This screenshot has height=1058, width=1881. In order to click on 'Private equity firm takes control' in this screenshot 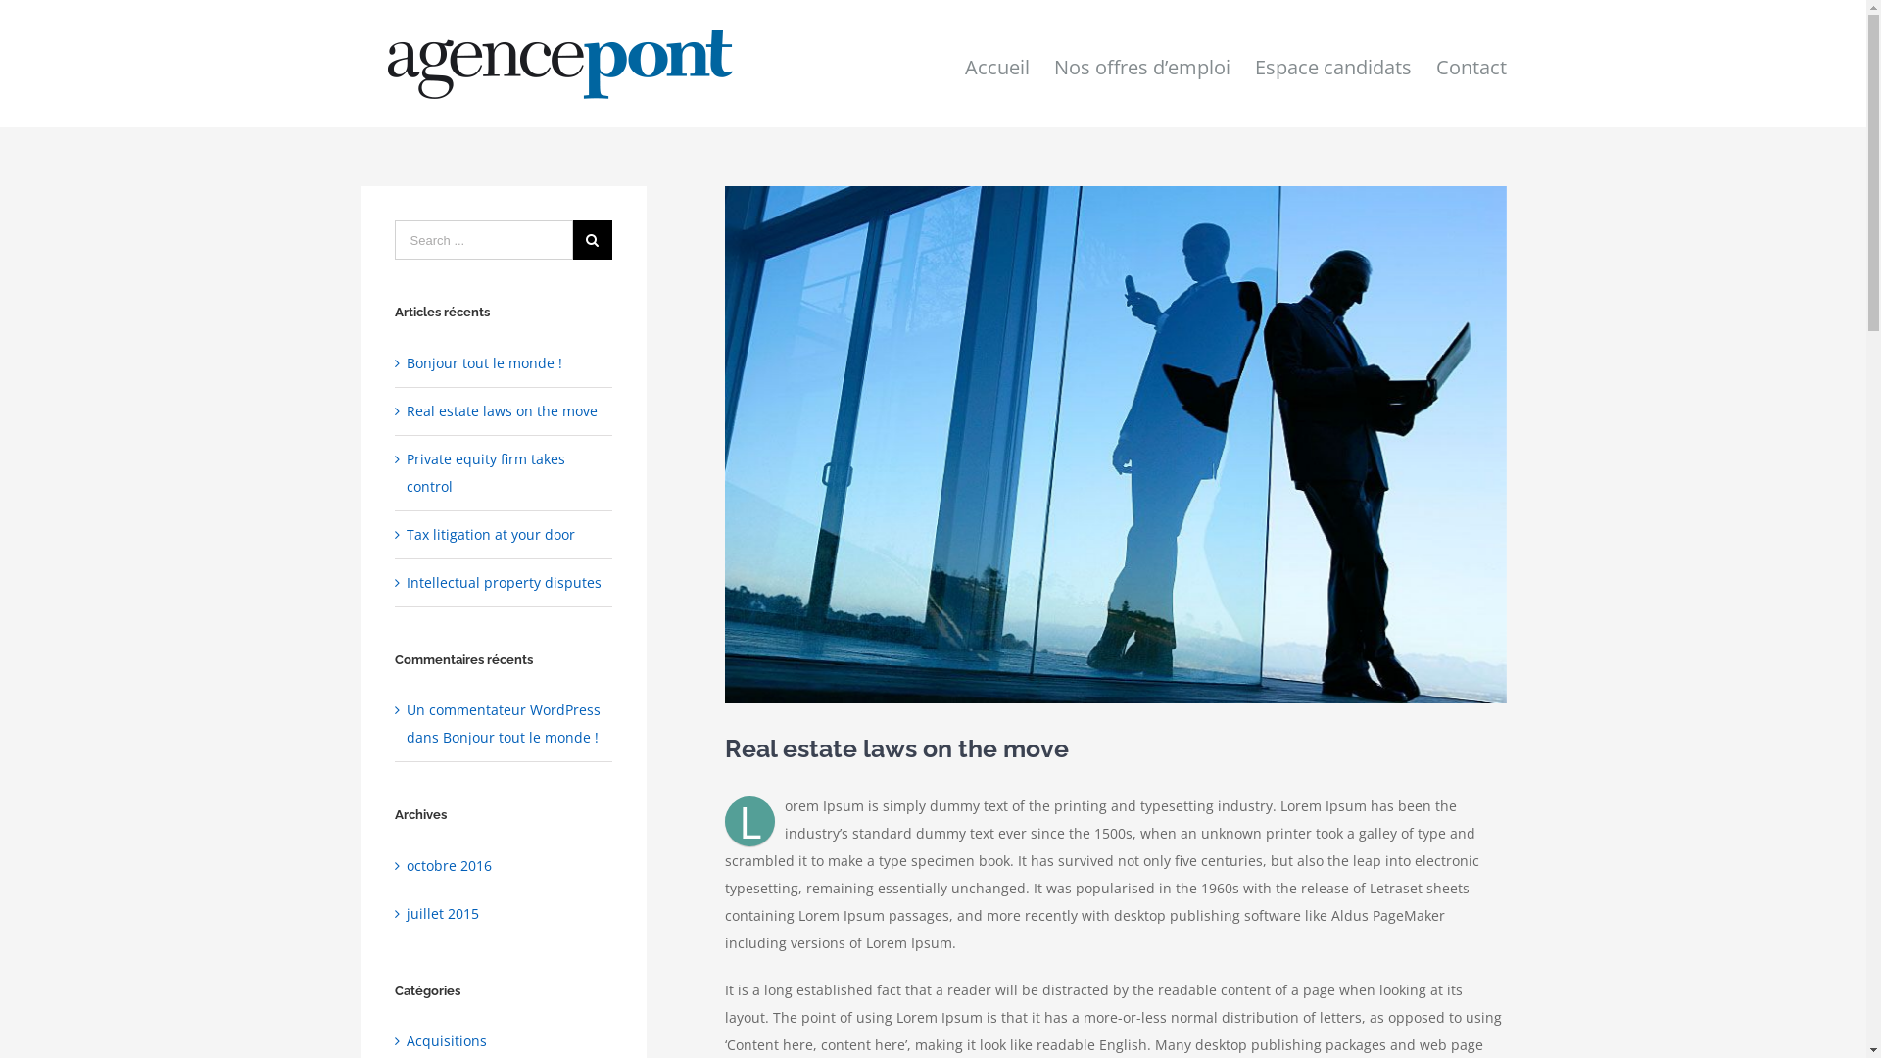, I will do `click(485, 472)`.